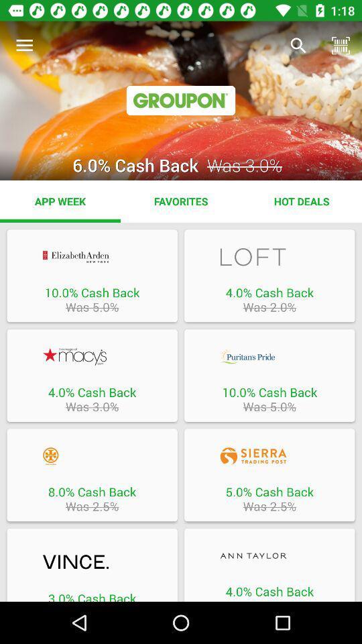 The height and width of the screenshot is (644, 362). What do you see at coordinates (91, 256) in the screenshot?
I see `this item button` at bounding box center [91, 256].